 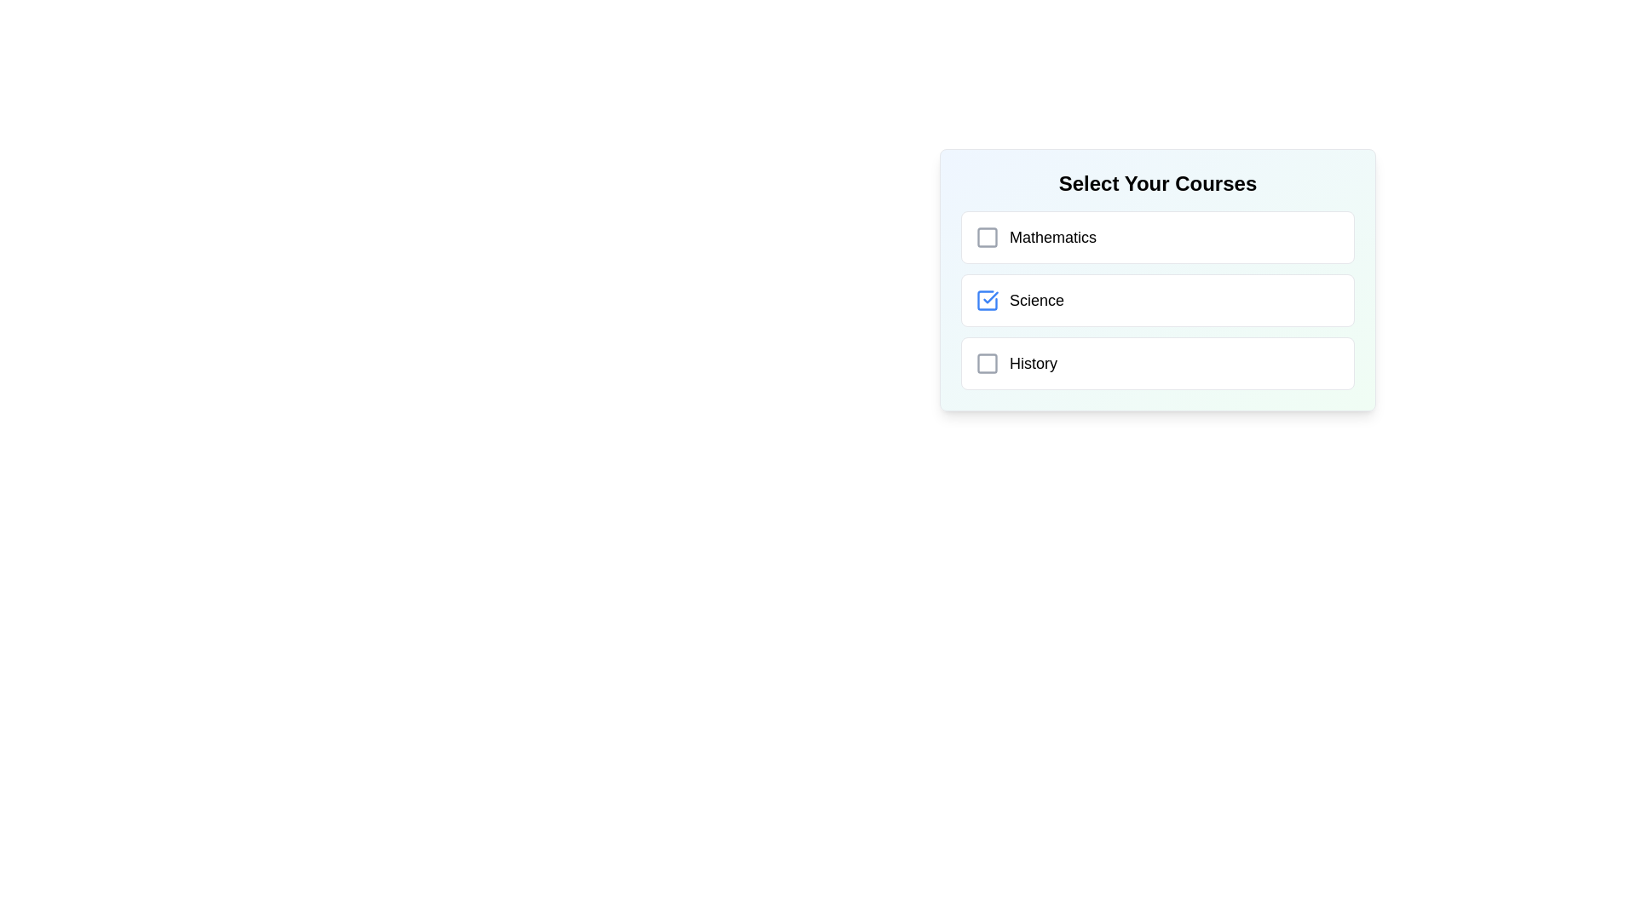 What do you see at coordinates (987, 237) in the screenshot?
I see `the SVG Checkbox for the Mathematics course, which is positioned to the left of the text label in the Mathematics row` at bounding box center [987, 237].